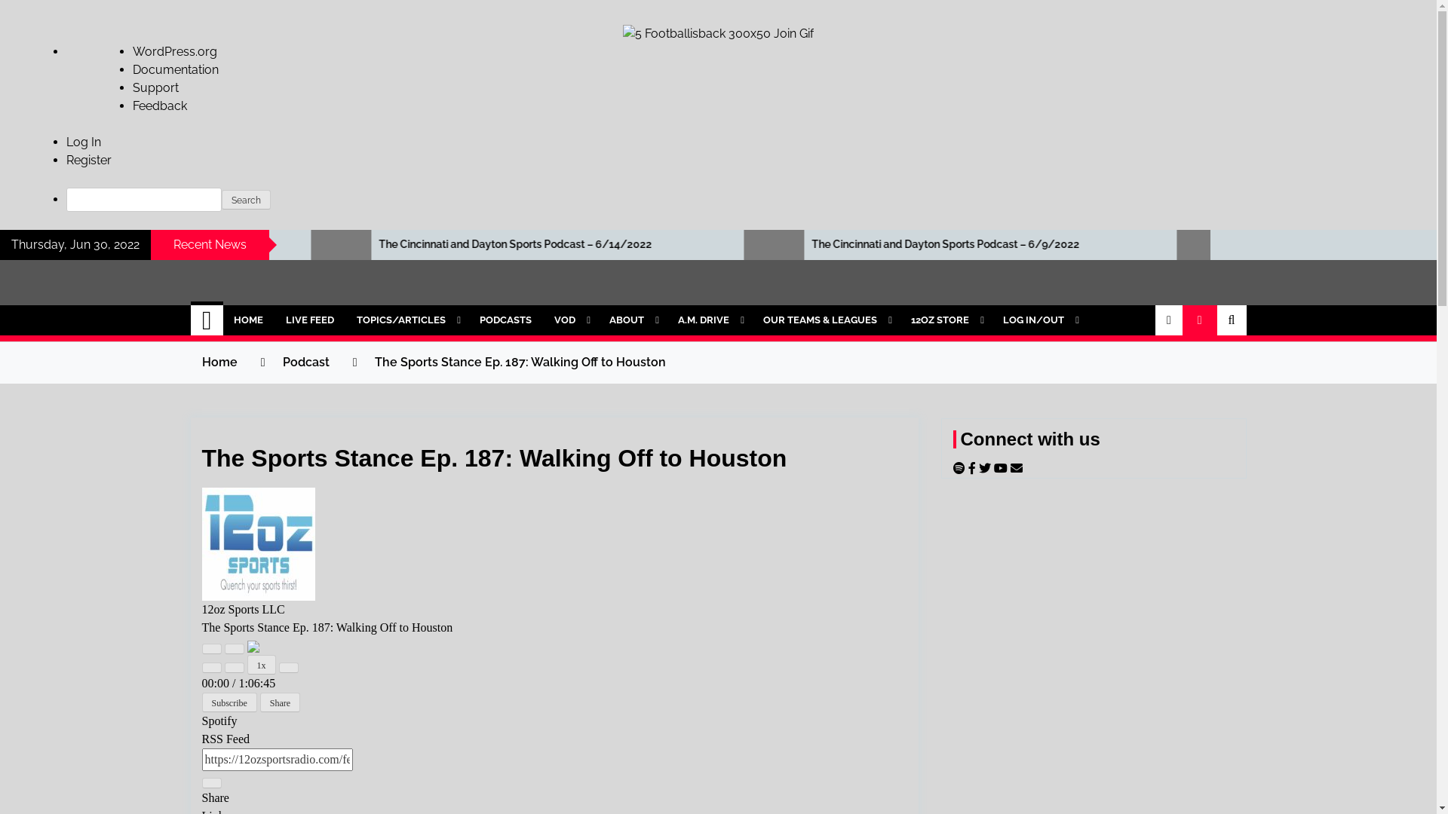 The height and width of the screenshot is (814, 1448). Describe the element at coordinates (1017, 467) in the screenshot. I see `'Email 12oz Sports Network'` at that location.